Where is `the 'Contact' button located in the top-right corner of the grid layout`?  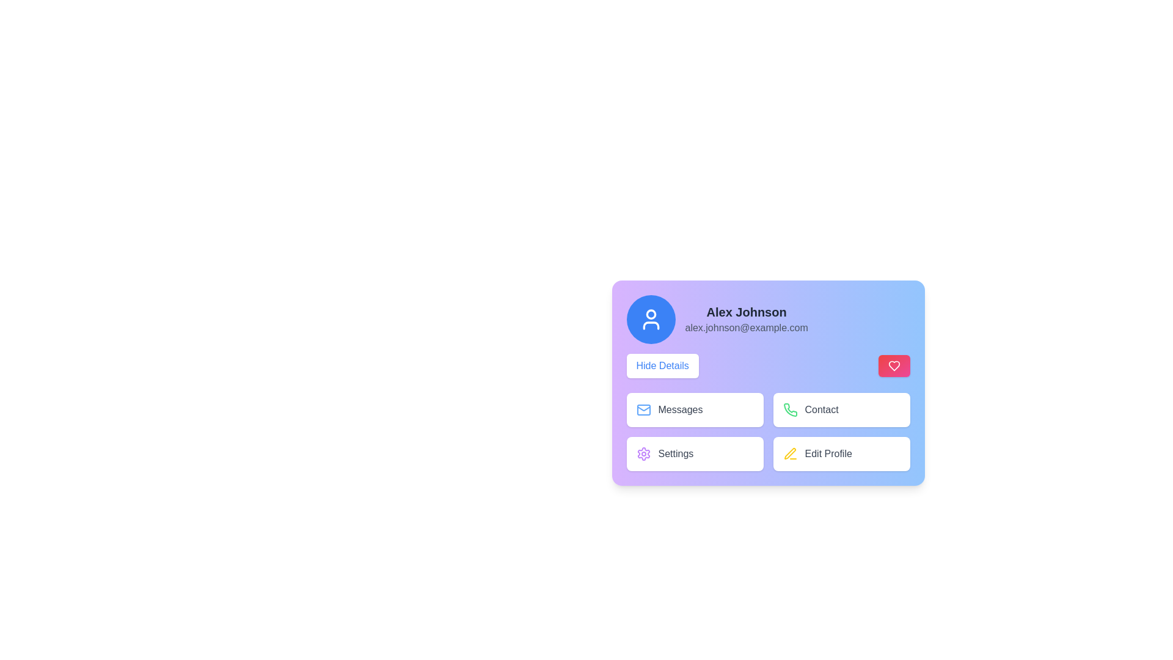
the 'Contact' button located in the top-right corner of the grid layout is located at coordinates (841, 410).